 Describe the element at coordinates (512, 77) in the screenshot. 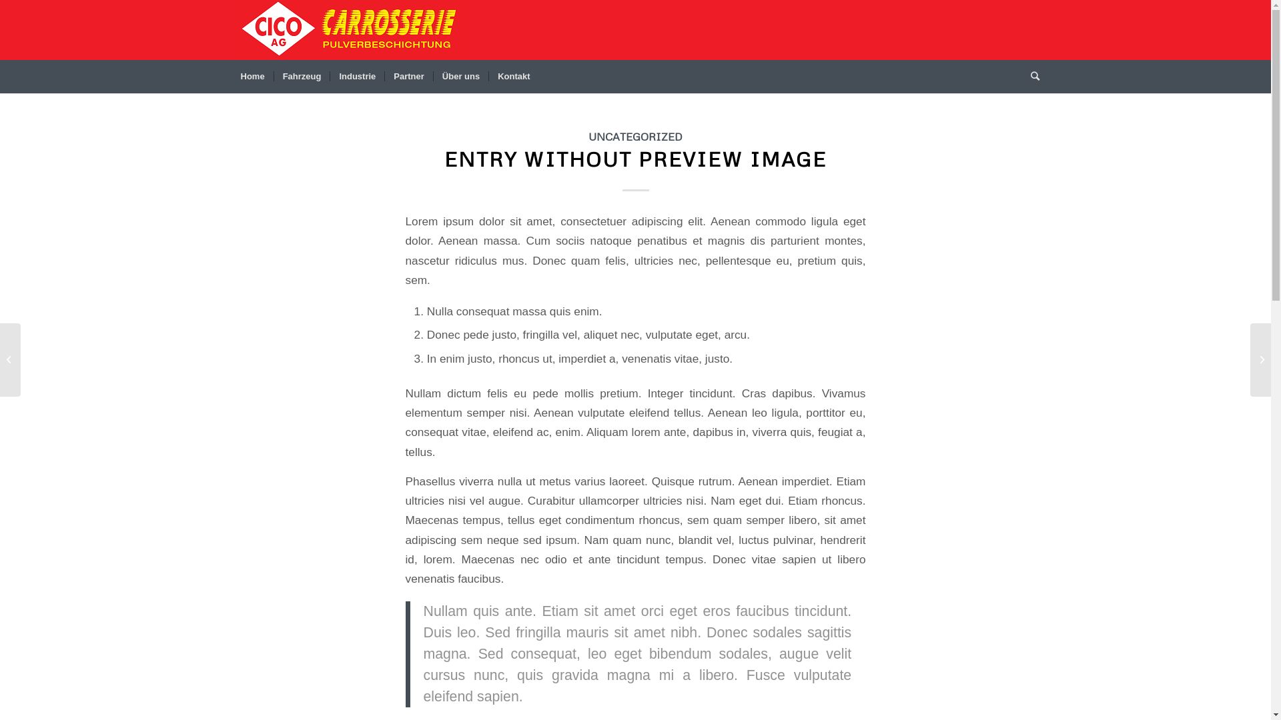

I see `'Kontakt'` at that location.